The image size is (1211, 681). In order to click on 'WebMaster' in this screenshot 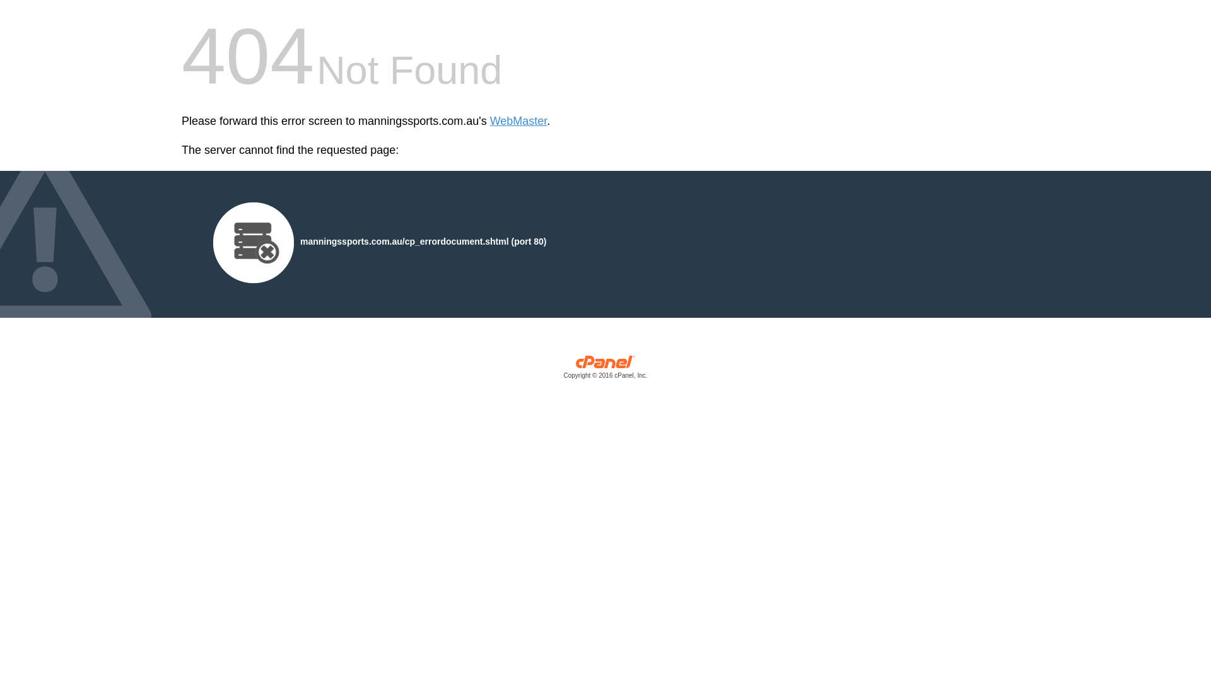, I will do `click(518, 121)`.